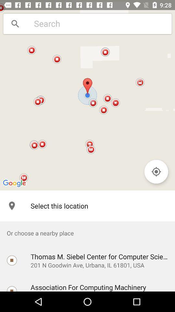  Describe the element at coordinates (156, 171) in the screenshot. I see `the location_crosshair icon` at that location.